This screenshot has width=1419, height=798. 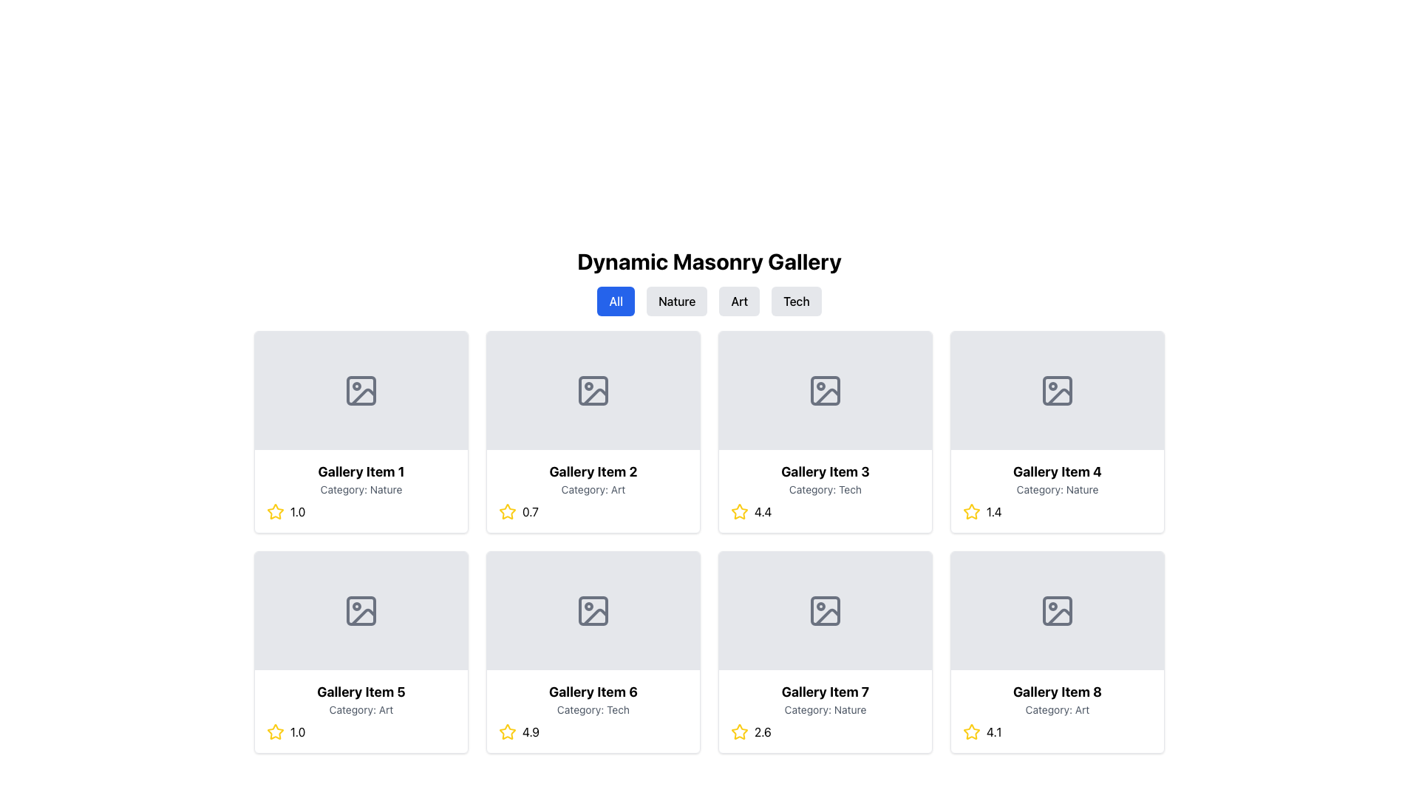 I want to click on the image placeholder in 'Gallery Item 7' located in the third row of the grid layout, so click(x=825, y=610).